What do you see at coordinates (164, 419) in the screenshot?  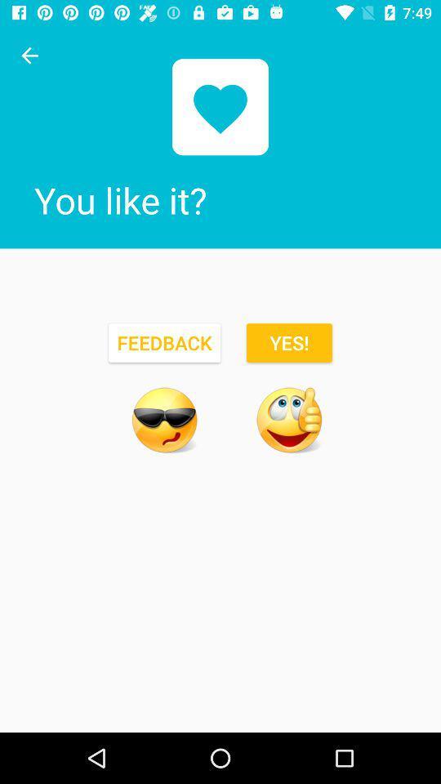 I see `emojios` at bounding box center [164, 419].